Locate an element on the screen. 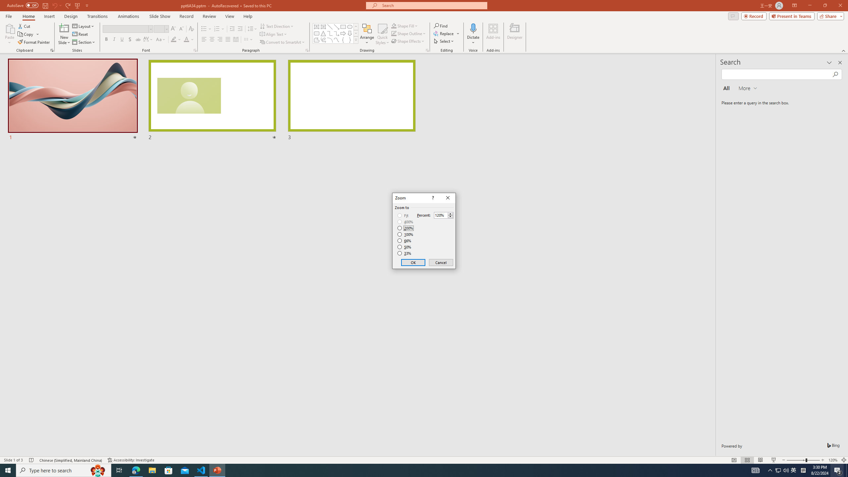 The image size is (848, 477). 'Zoom 120%' is located at coordinates (833, 460).